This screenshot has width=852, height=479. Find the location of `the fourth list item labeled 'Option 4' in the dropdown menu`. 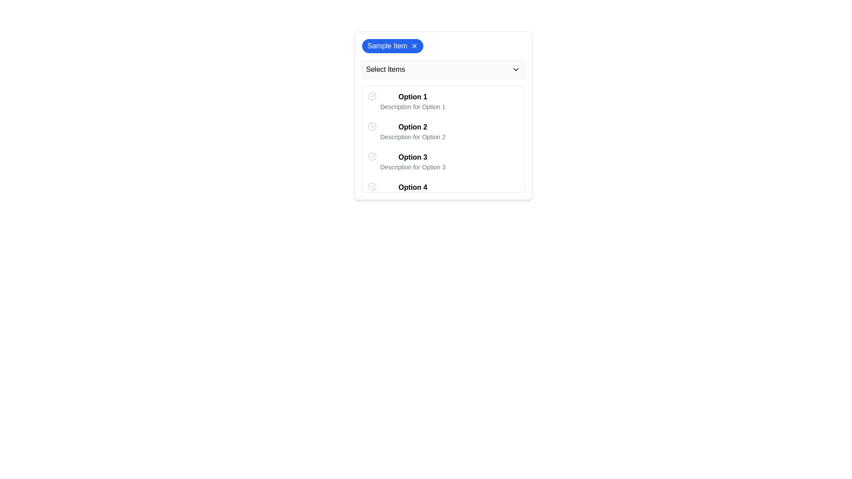

the fourth list item labeled 'Option 4' in the dropdown menu is located at coordinates (443, 191).